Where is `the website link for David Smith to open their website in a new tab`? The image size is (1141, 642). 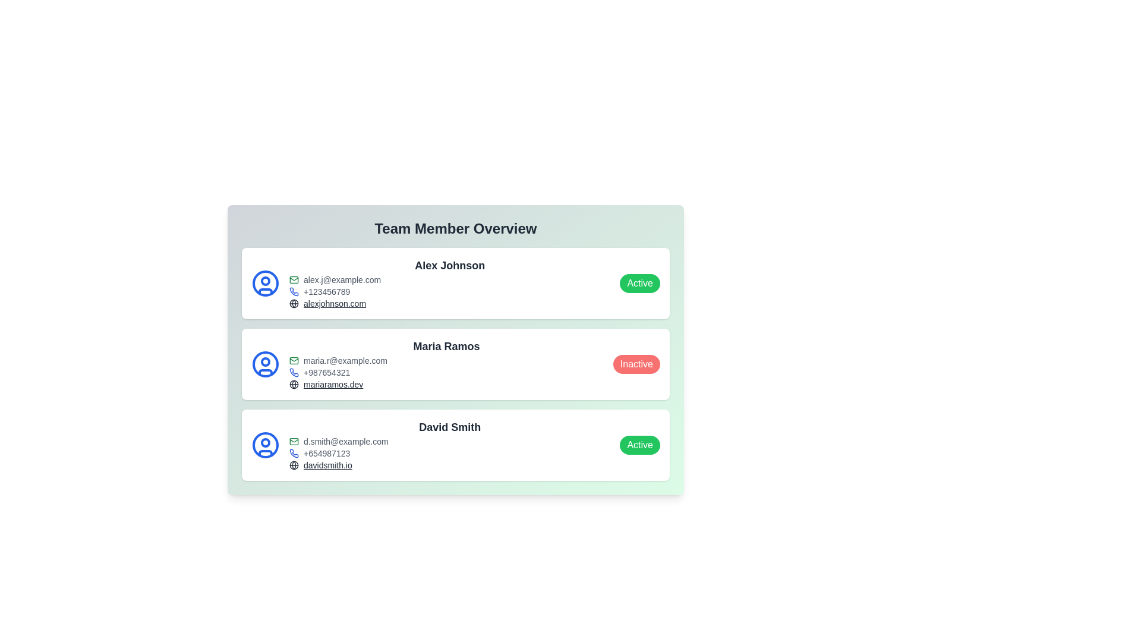
the website link for David Smith to open their website in a new tab is located at coordinates (327, 465).